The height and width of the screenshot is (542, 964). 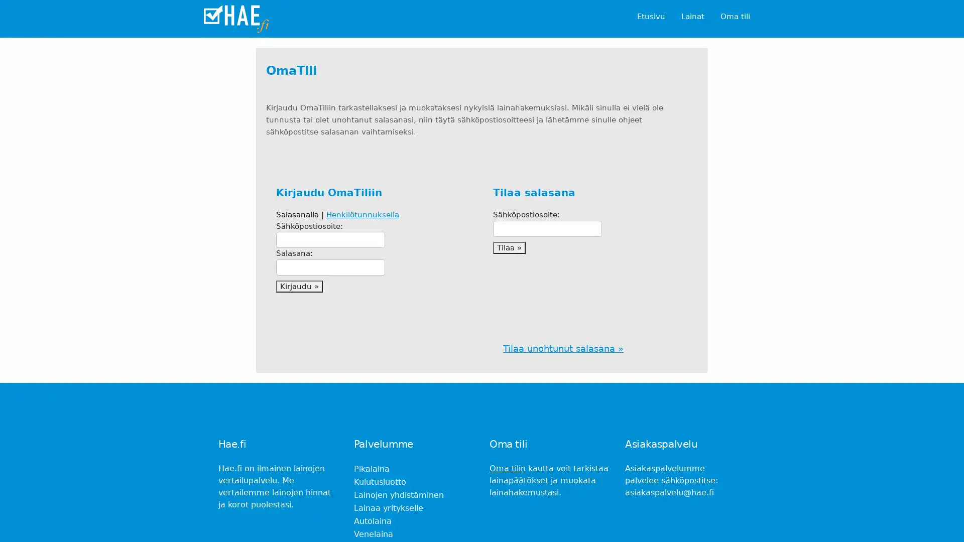 I want to click on Kirjaudu, so click(x=299, y=286).